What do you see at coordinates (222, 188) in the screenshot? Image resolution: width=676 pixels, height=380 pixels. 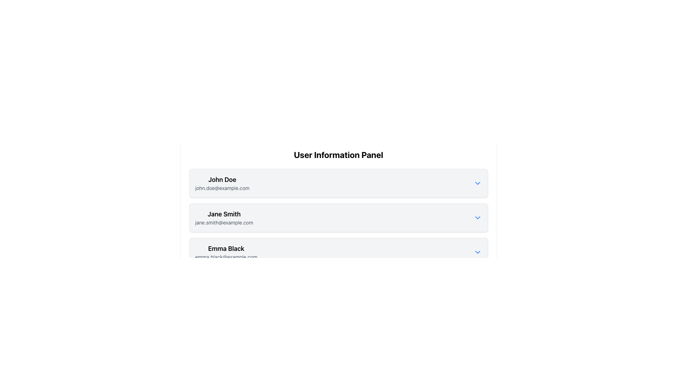 I see `the text display component that shows the email address 'john.doe@example.com', which is located below the name 'John Doe' in the user information panel` at bounding box center [222, 188].